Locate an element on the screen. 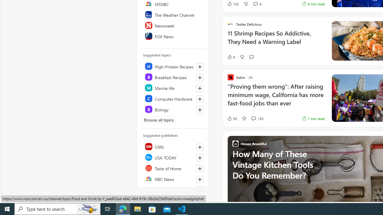 Image resolution: width=383 pixels, height=215 pixels. '9 Like' is located at coordinates (230, 57).